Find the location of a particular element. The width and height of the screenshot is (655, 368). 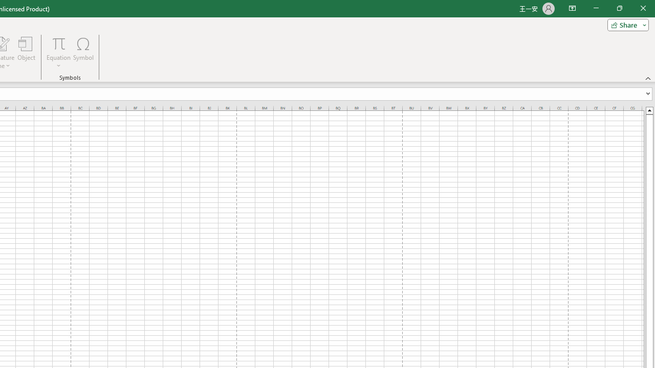

'Equation' is located at coordinates (58, 43).